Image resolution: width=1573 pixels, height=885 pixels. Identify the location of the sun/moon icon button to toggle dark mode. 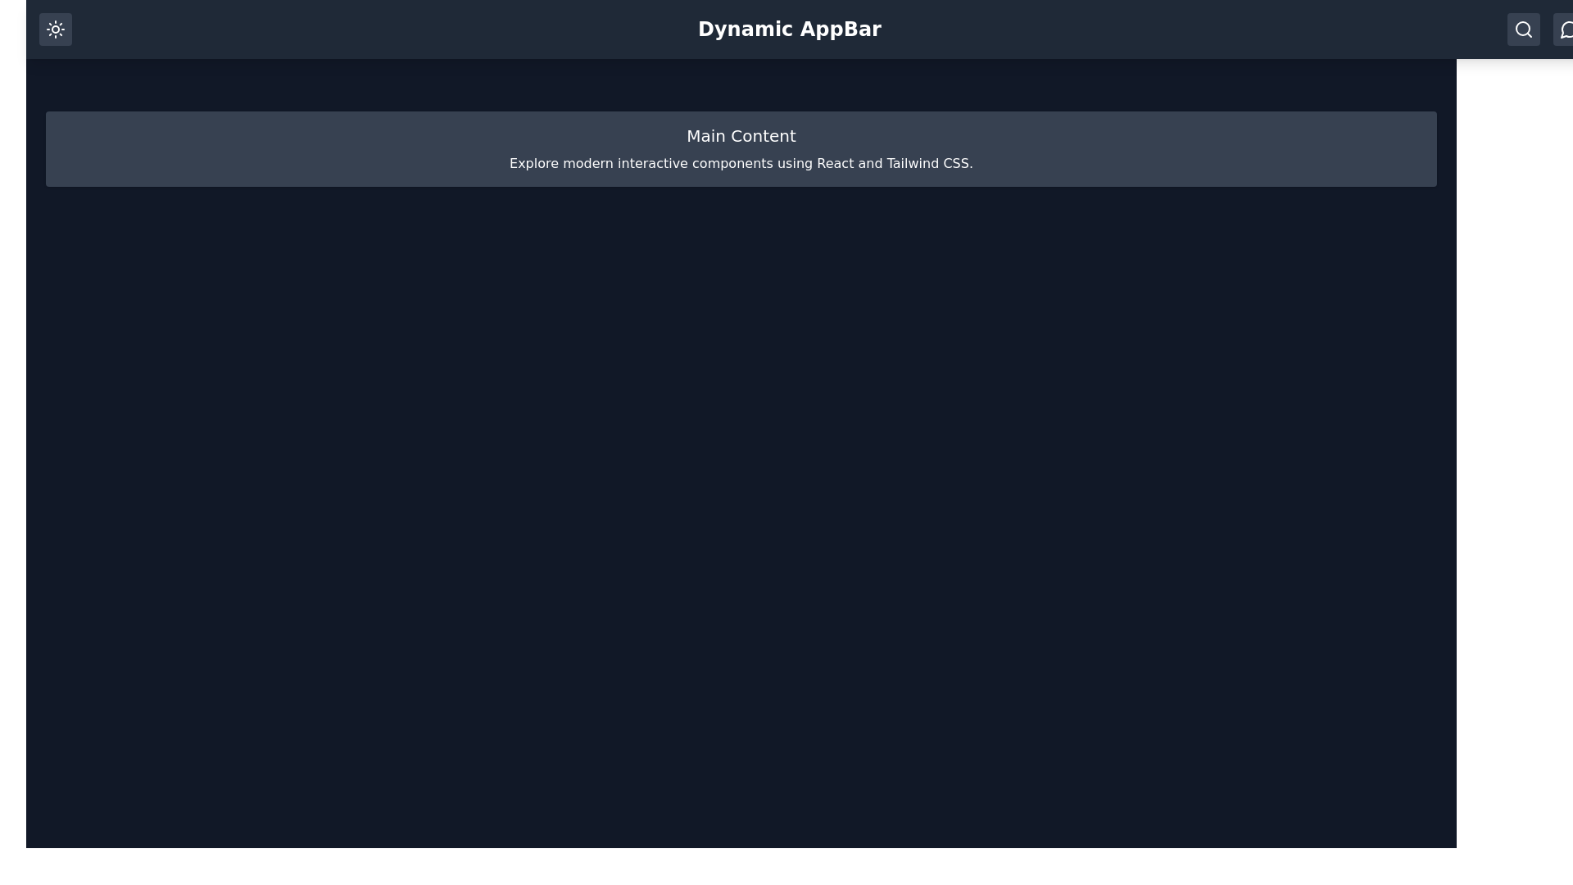
(55, 29).